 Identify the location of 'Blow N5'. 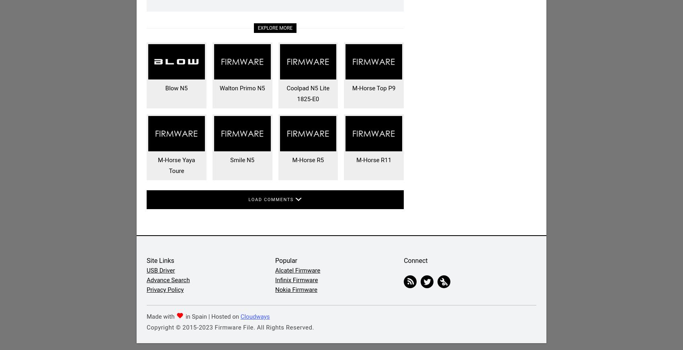
(165, 88).